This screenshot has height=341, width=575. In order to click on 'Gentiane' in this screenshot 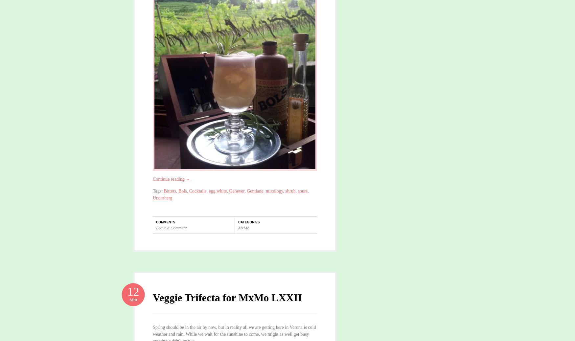, I will do `click(246, 190)`.